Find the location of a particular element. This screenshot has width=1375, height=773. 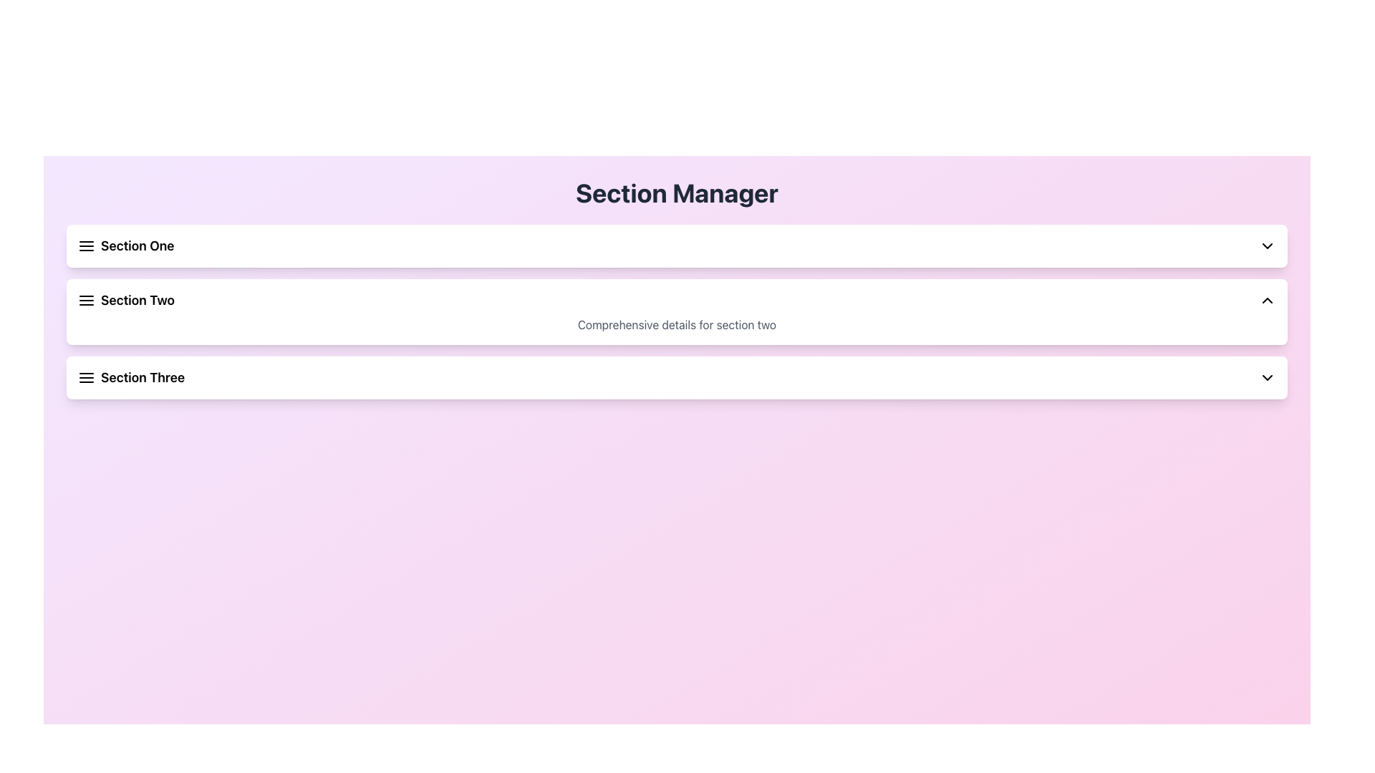

the 'Section Three' header element, which features bold text and an icon with horizontal lines is located at coordinates (131, 377).